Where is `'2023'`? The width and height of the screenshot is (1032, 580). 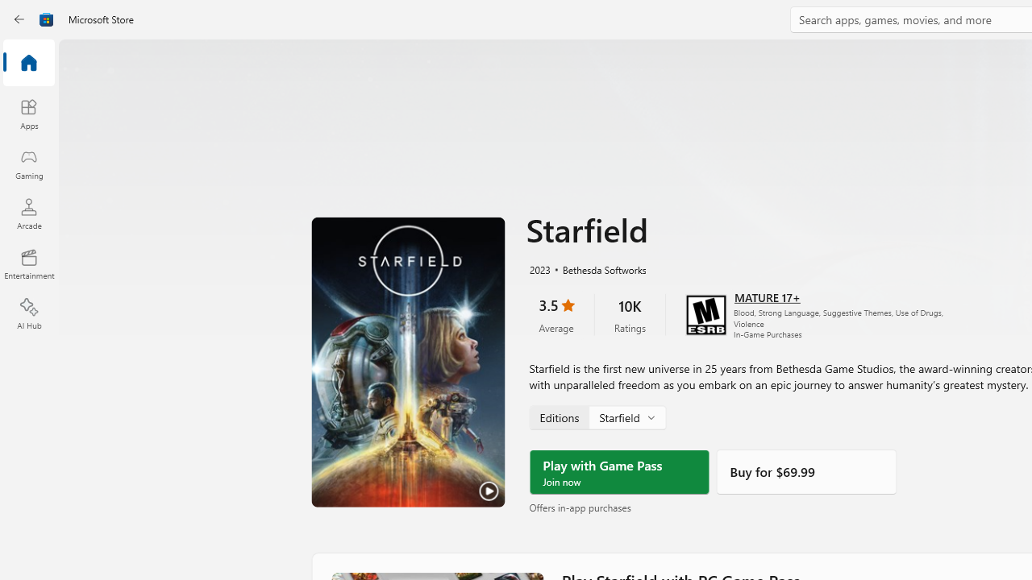
'2023' is located at coordinates (539, 267).